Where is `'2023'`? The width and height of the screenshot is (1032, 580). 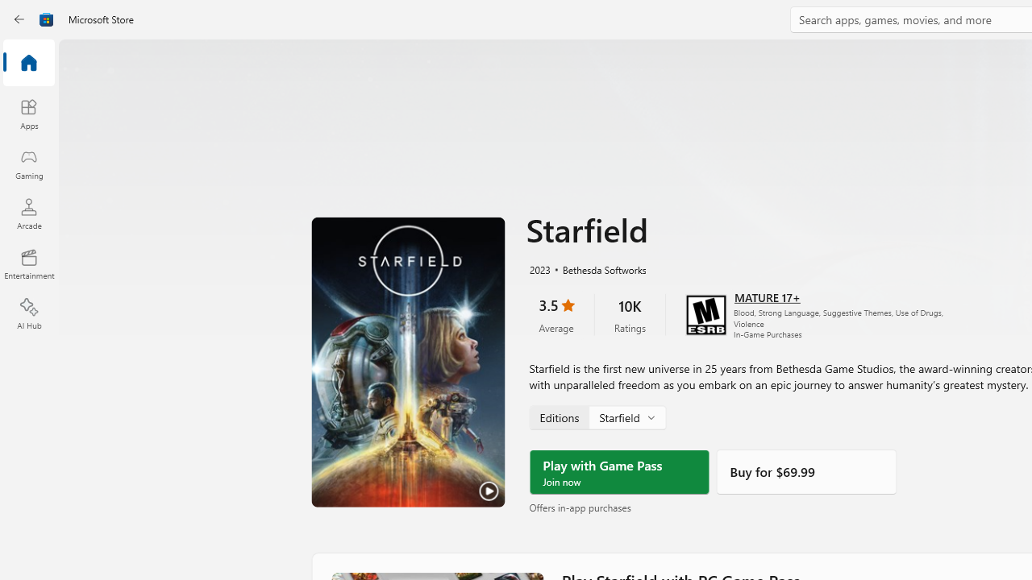
'2023' is located at coordinates (539, 267).